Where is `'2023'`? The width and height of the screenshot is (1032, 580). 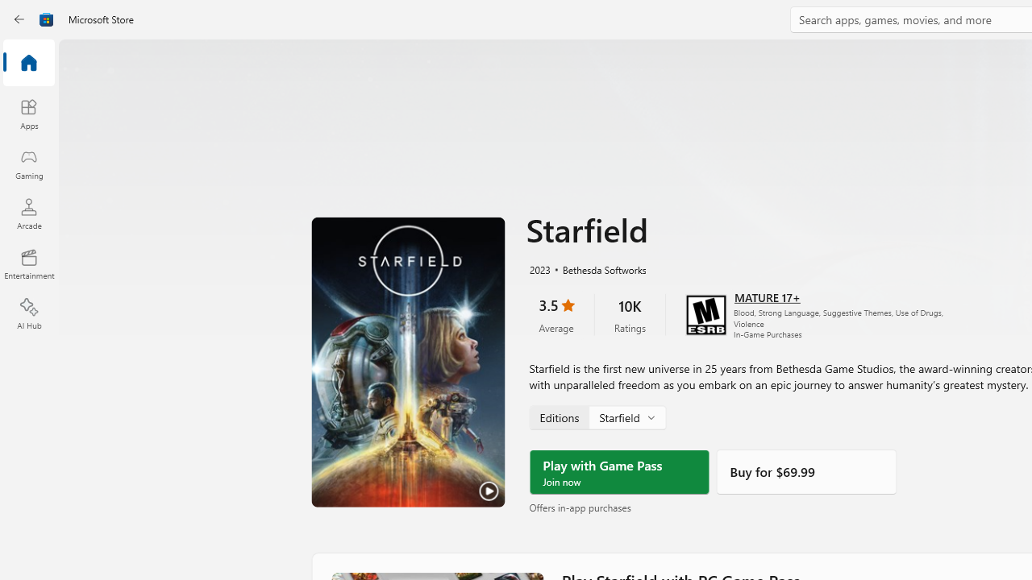
'2023' is located at coordinates (539, 267).